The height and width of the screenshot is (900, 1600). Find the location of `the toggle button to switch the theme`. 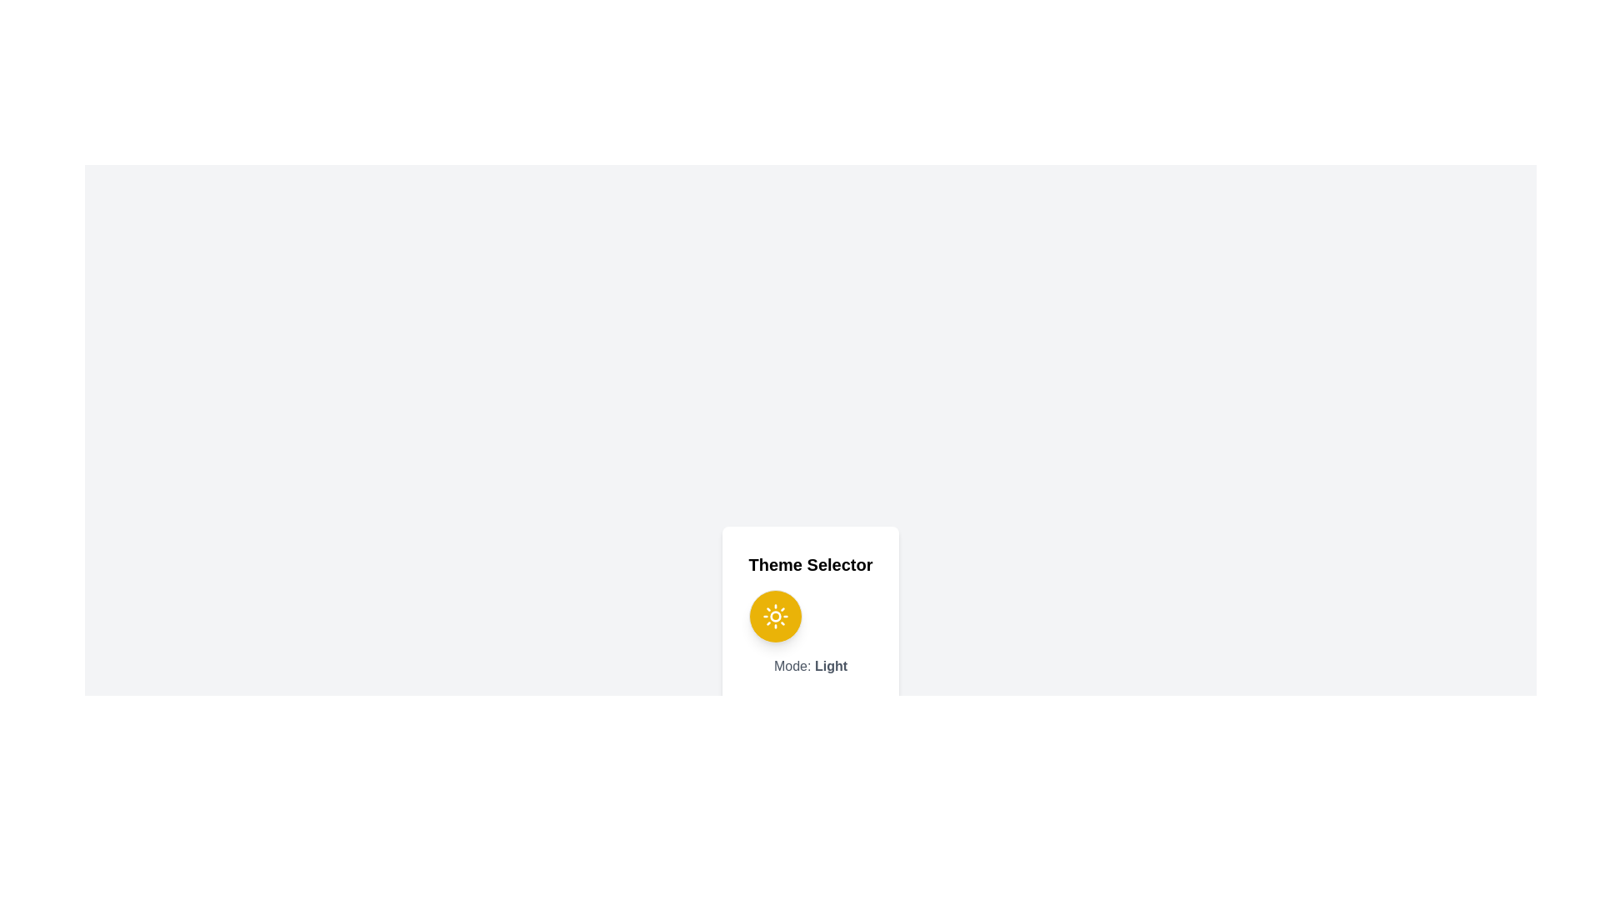

the toggle button to switch the theme is located at coordinates (774, 617).